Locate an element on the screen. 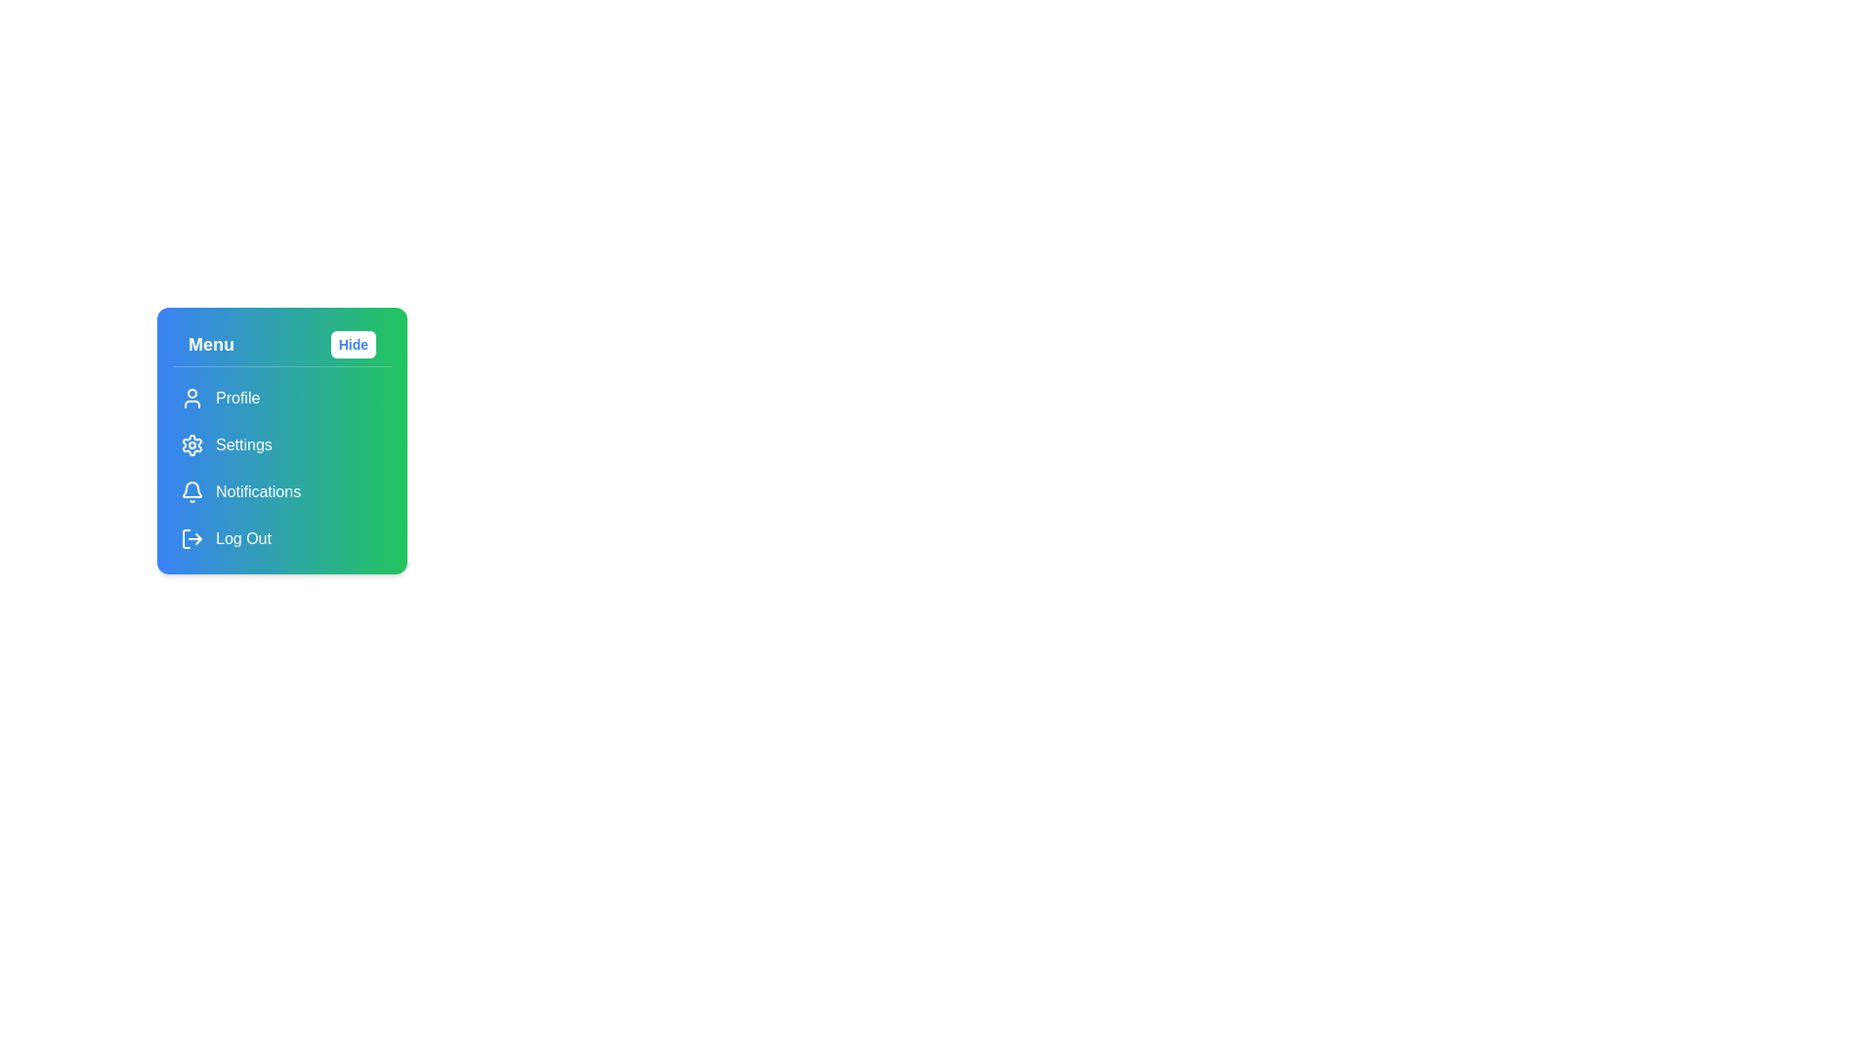 The height and width of the screenshot is (1055, 1876). the bell icon next to the 'Notifications' text is located at coordinates (192, 491).